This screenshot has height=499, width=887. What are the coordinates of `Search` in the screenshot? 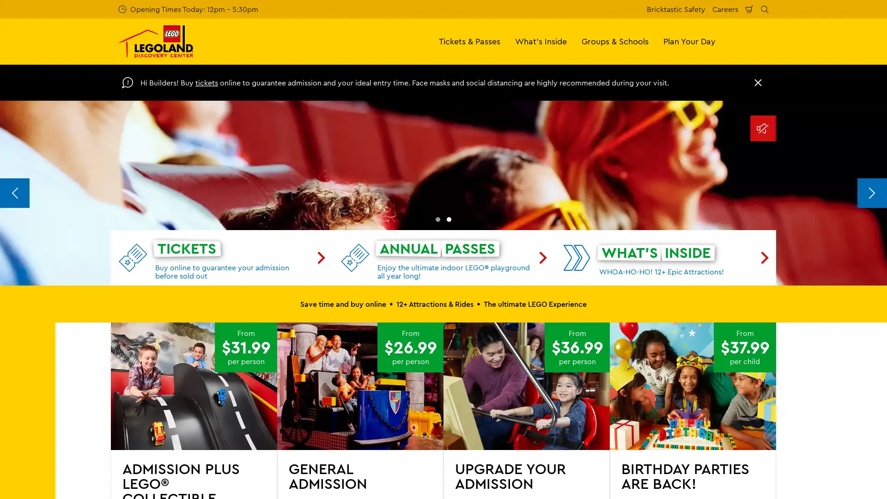 It's located at (765, 9).